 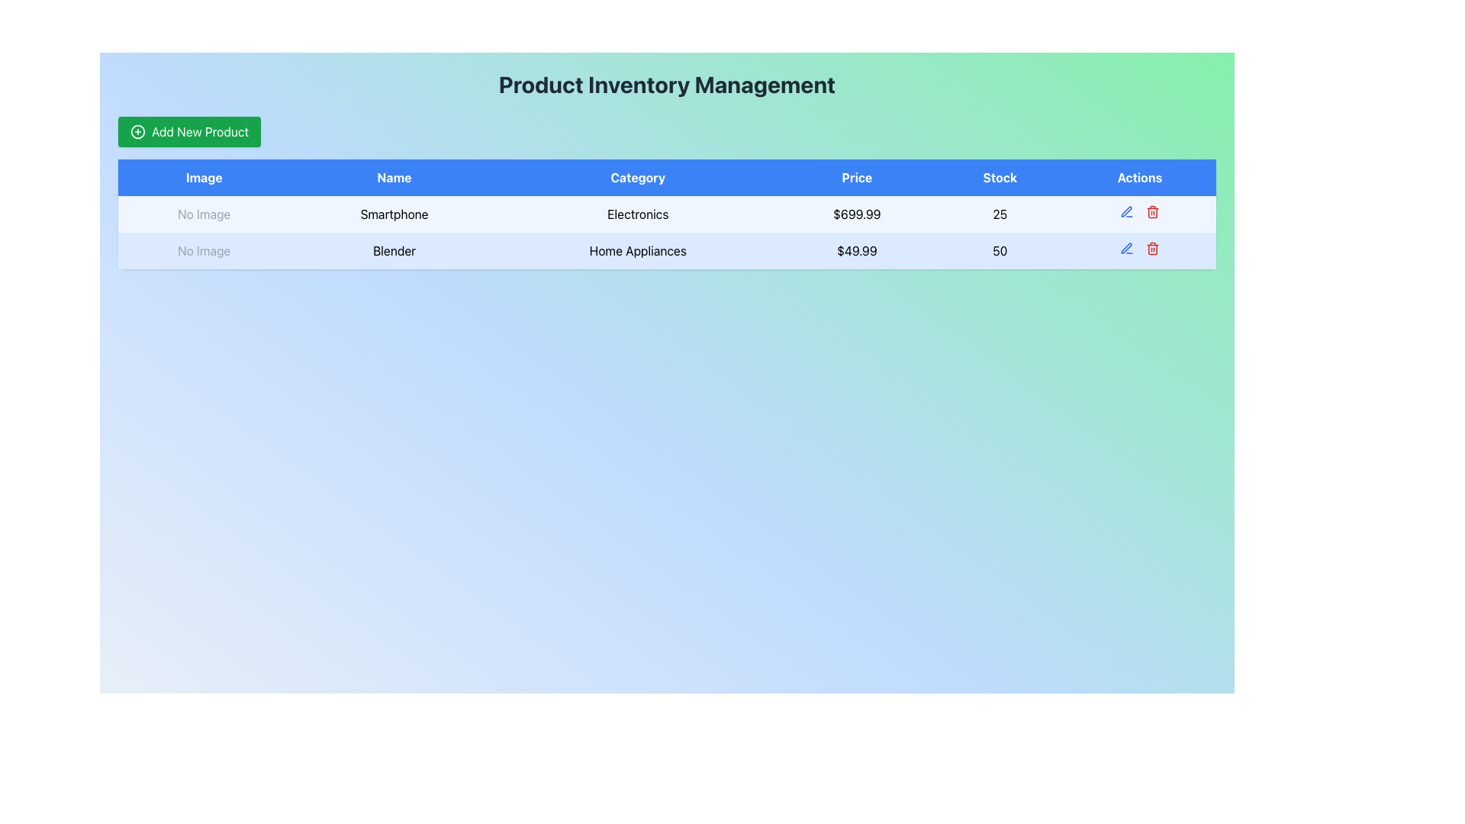 What do you see at coordinates (203, 176) in the screenshot?
I see `the rectangular blue button labeled 'Image' which is the first column header in the list of headers` at bounding box center [203, 176].